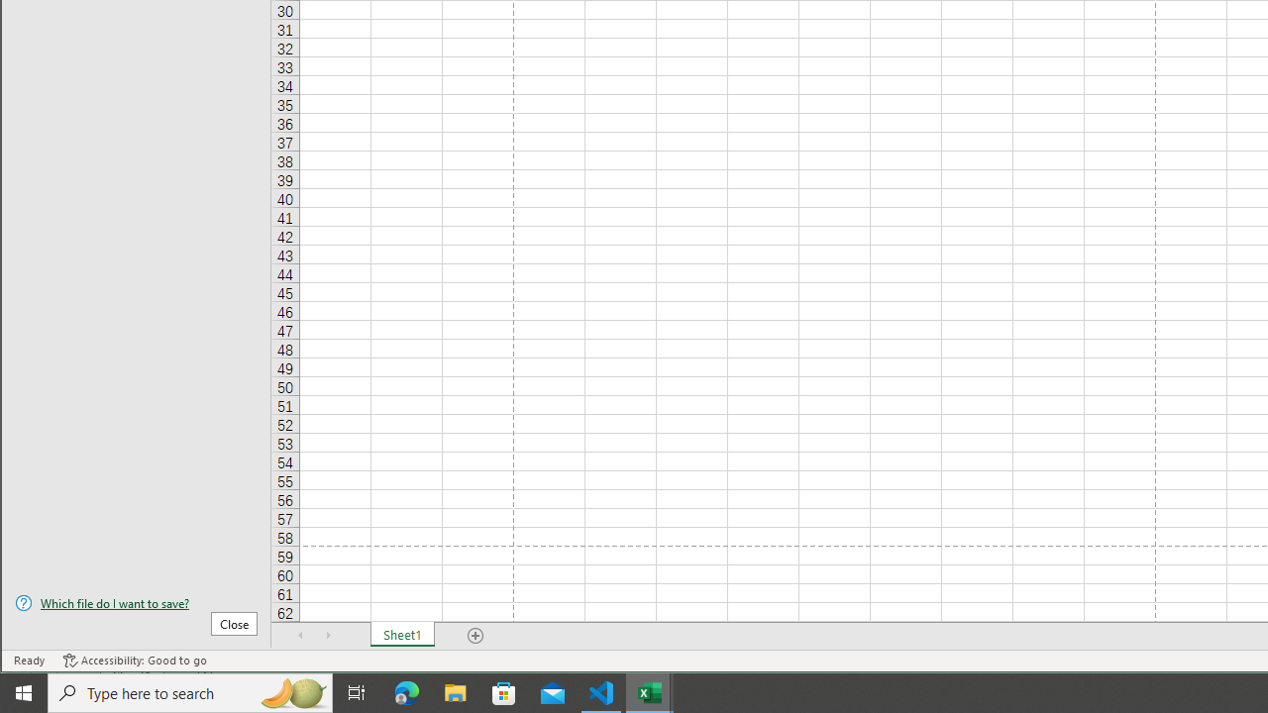 Image resolution: width=1268 pixels, height=713 pixels. Describe the element at coordinates (504, 691) in the screenshot. I see `'Microsoft Store'` at that location.